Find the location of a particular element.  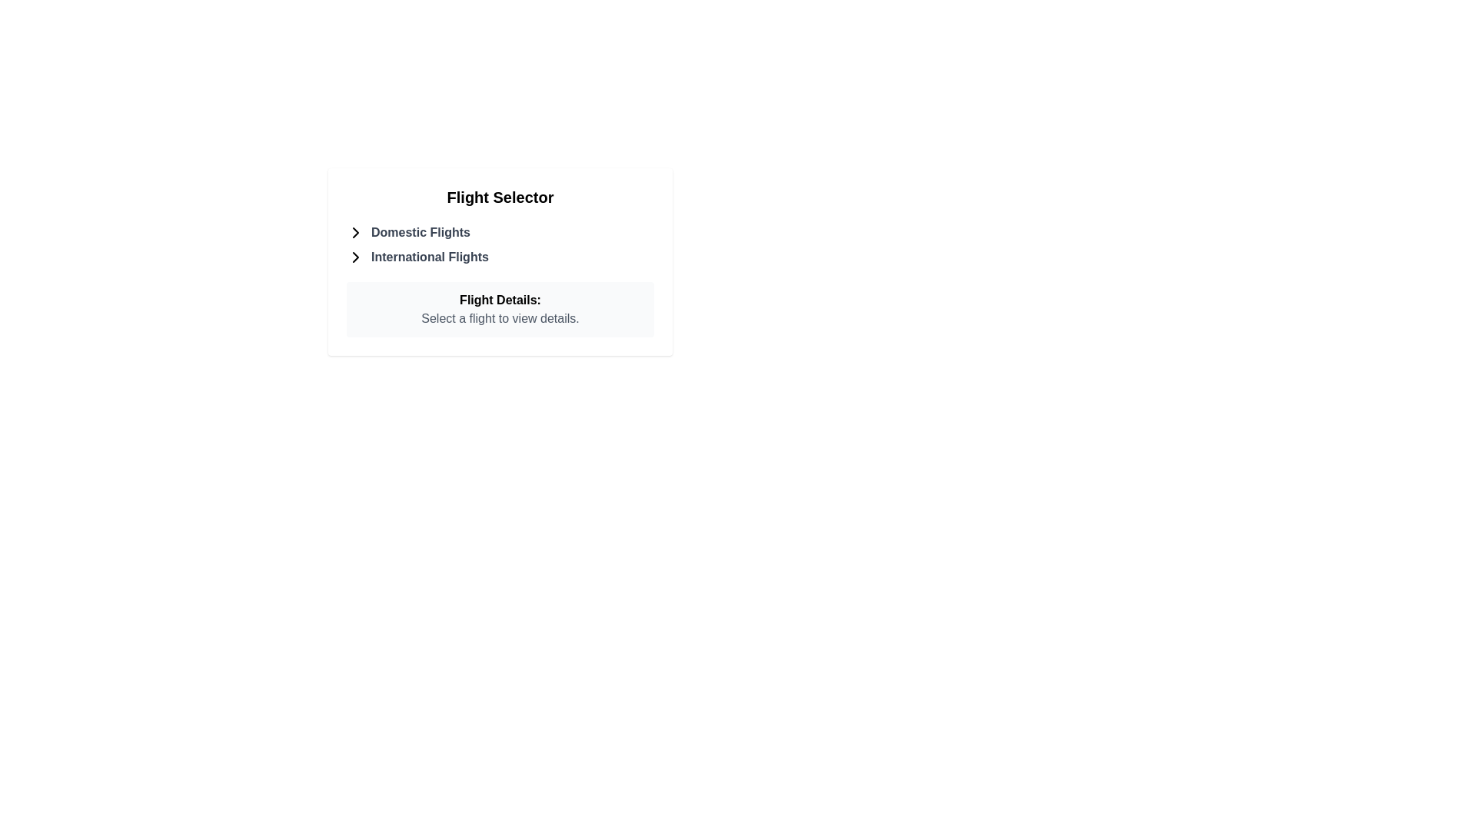

bold text label displaying 'Domestic Flights' which is prominently styled in dark gray on a white background, located below the header 'Flight Selector' is located at coordinates (421, 233).